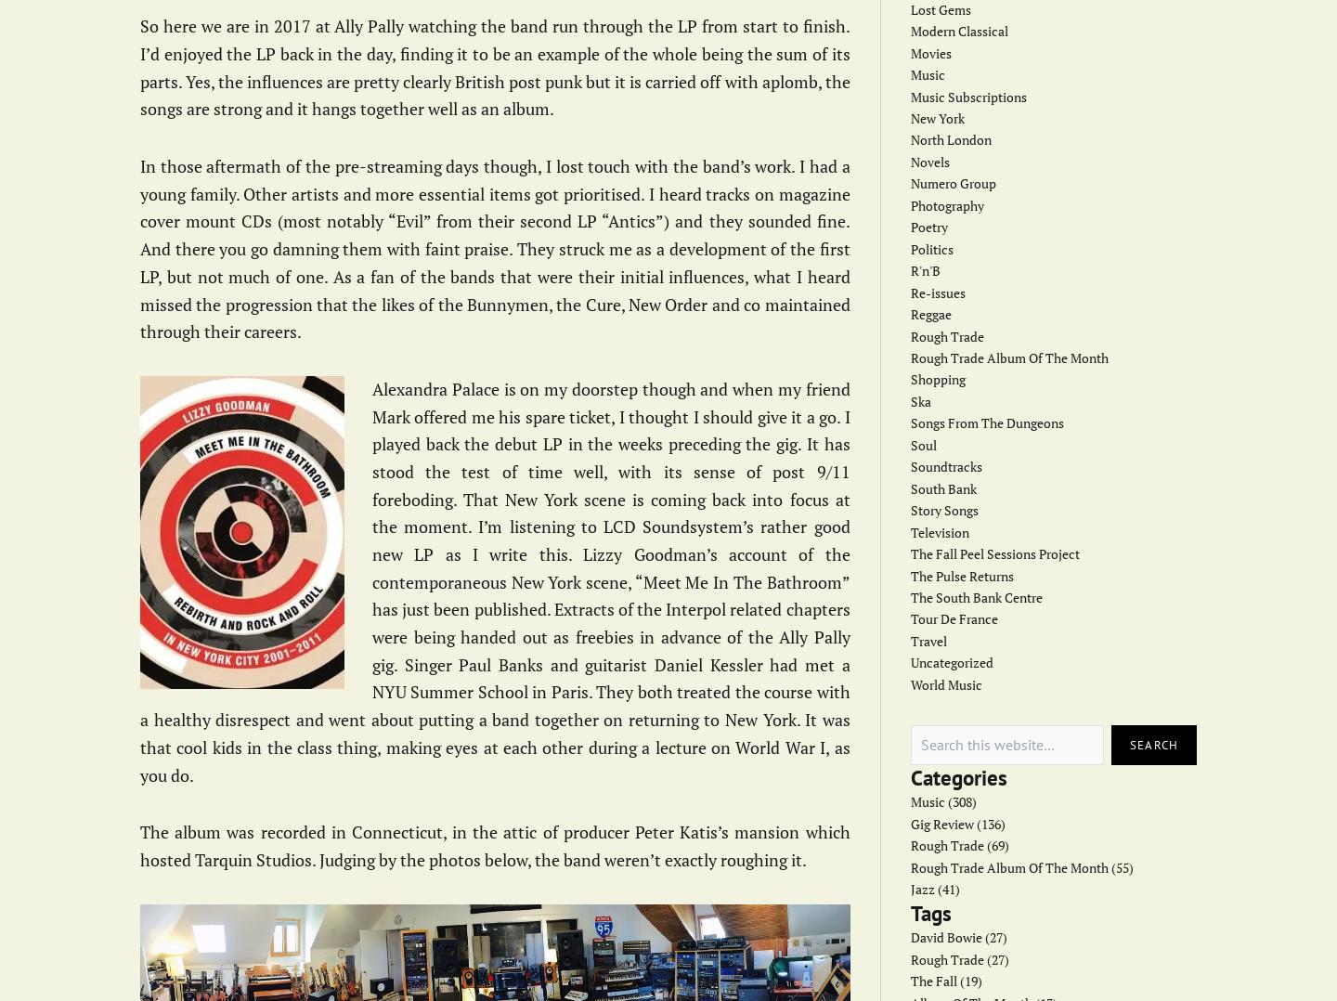 Image resolution: width=1337 pixels, height=1001 pixels. Describe the element at coordinates (493, 67) in the screenshot. I see `'So here we are in 2017 at Ally Pally watching the band run through the LP from start to finish. I’d enjoyed the LP back in the day, finding it to be an example of the whole being the sum of its parts. Yes, the influences are pretty clearly British post punk but it is carried off with aplomb, the songs are strong and it hangs together well as an album.'` at that location.